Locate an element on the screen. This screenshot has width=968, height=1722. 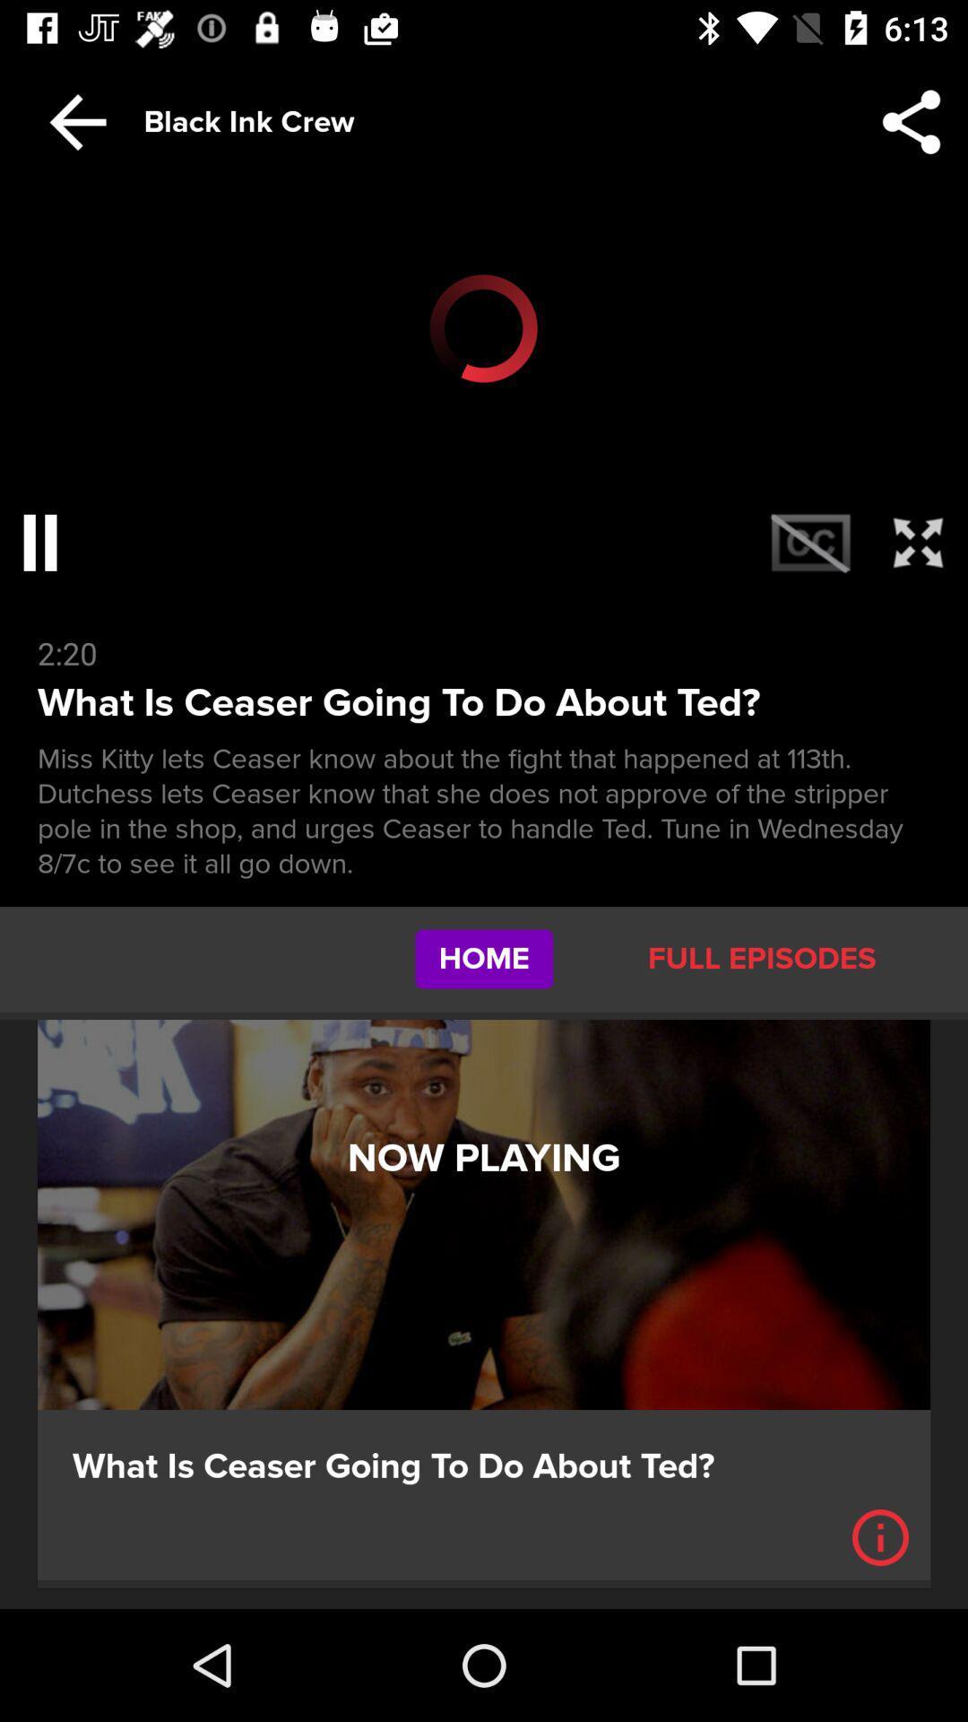
the fullscreen icon is located at coordinates (918, 541).